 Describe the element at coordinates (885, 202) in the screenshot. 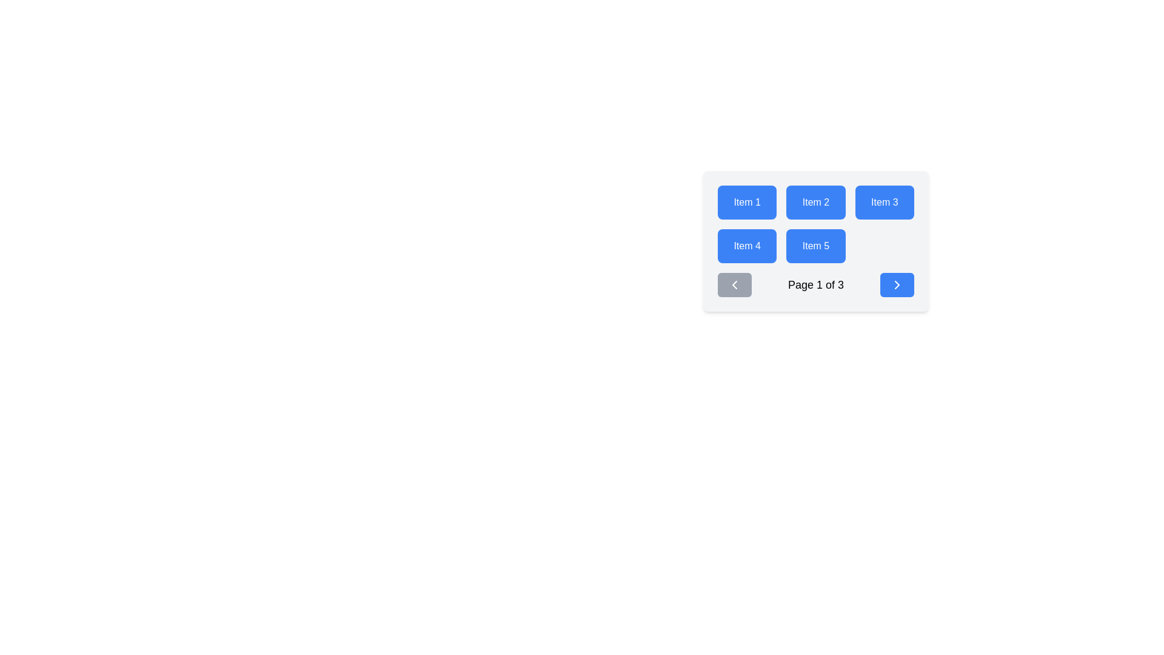

I see `the blue button labeled 'Item 3'` at that location.